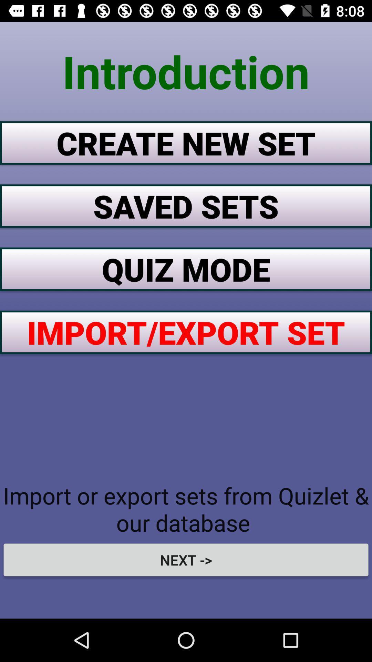  What do you see at coordinates (186, 269) in the screenshot?
I see `the quiz mode` at bounding box center [186, 269].